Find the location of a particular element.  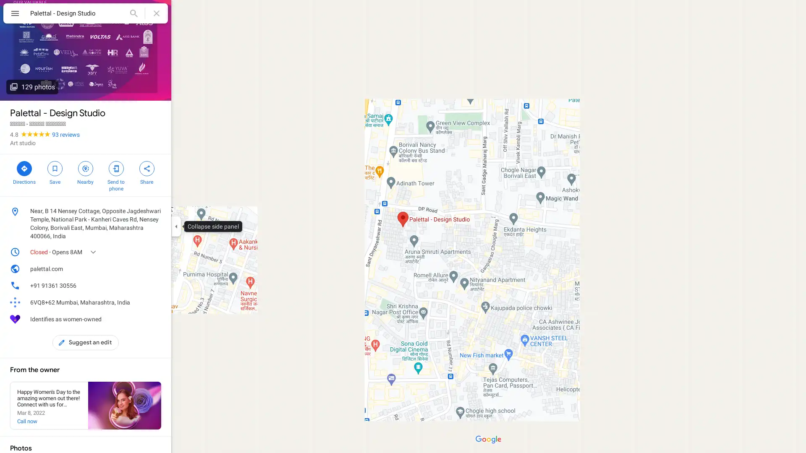

Copy phone number is located at coordinates (144, 285).